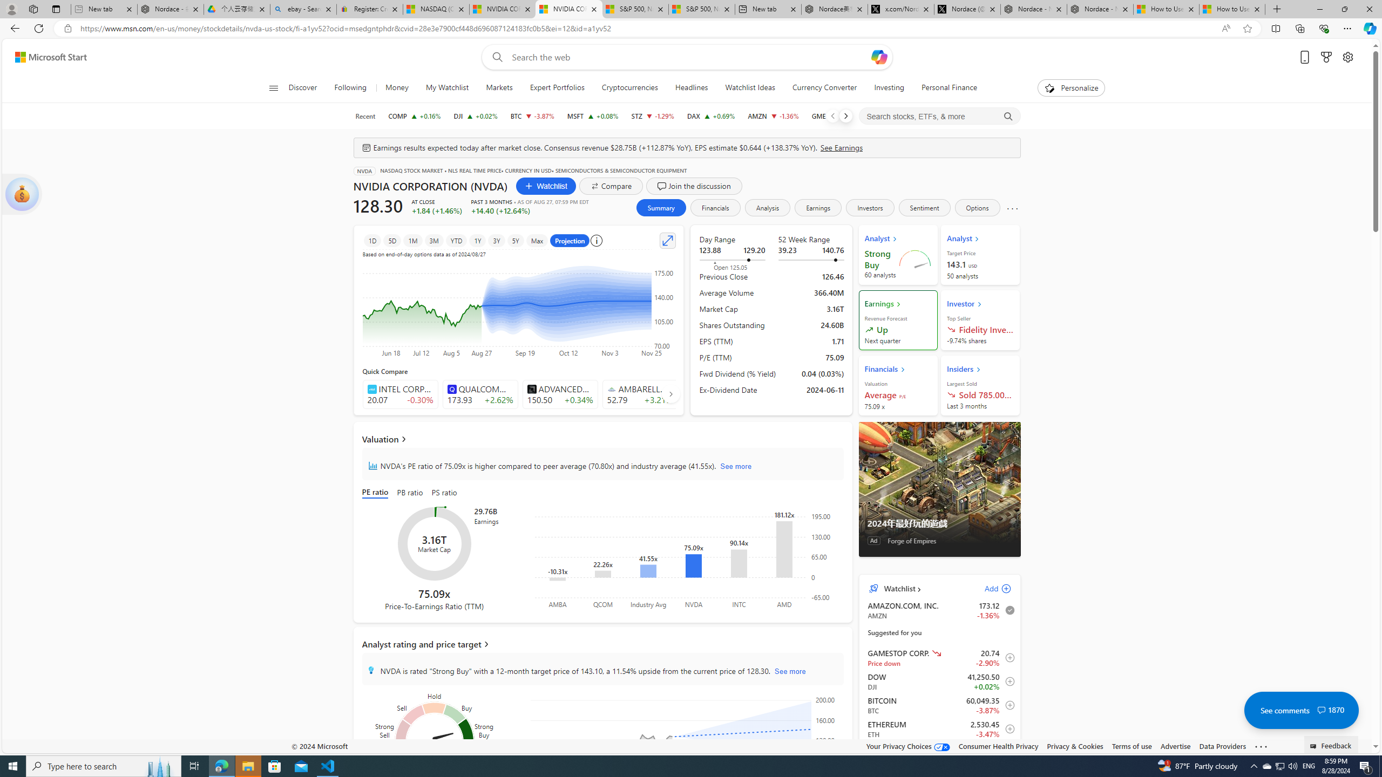 Image resolution: width=1382 pixels, height=777 pixels. I want to click on 'Consumer Health Privacy', so click(998, 746).